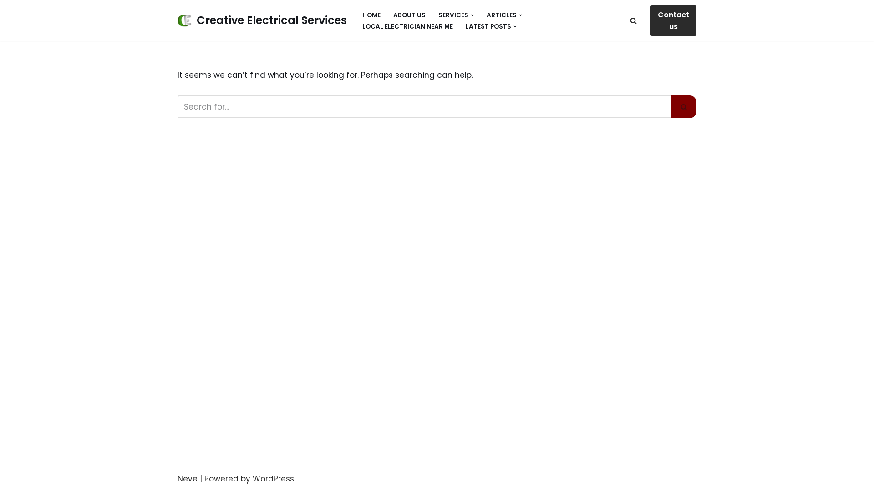  I want to click on 'Neve', so click(187, 478).